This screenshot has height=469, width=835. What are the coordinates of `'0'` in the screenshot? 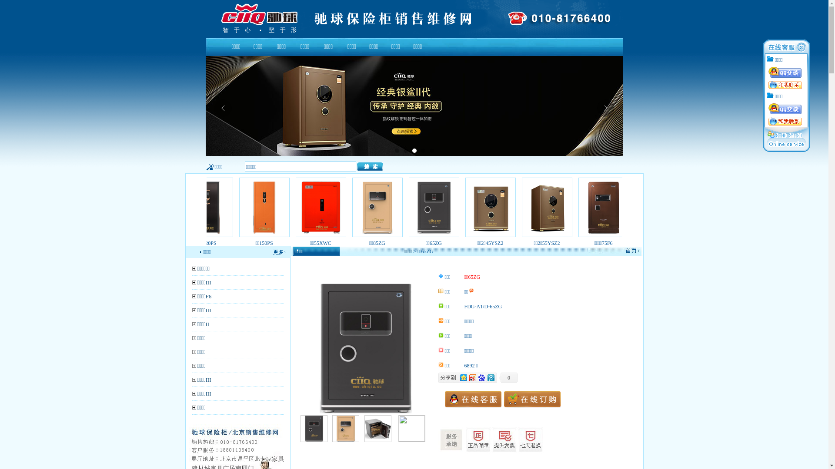 It's located at (508, 377).